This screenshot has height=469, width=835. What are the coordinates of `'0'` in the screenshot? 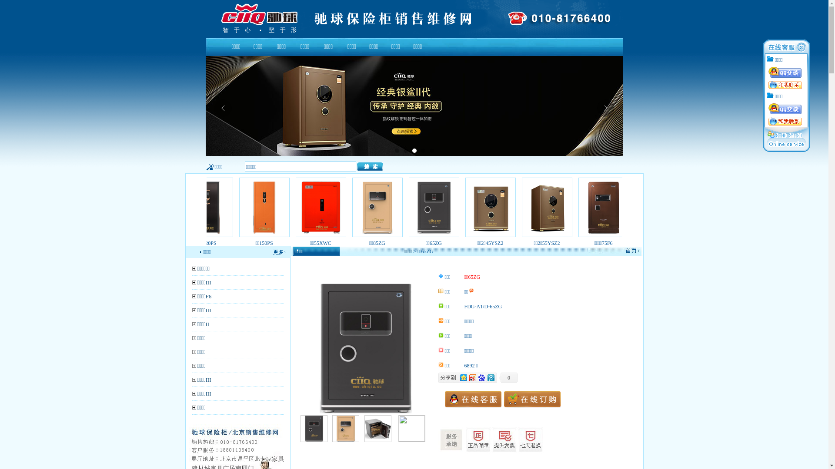 It's located at (508, 377).